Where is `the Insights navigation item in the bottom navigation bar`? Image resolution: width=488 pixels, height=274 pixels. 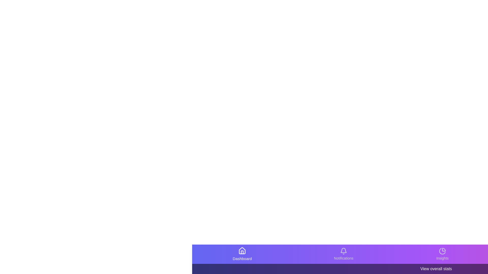 the Insights navigation item in the bottom navigation bar is located at coordinates (442, 254).